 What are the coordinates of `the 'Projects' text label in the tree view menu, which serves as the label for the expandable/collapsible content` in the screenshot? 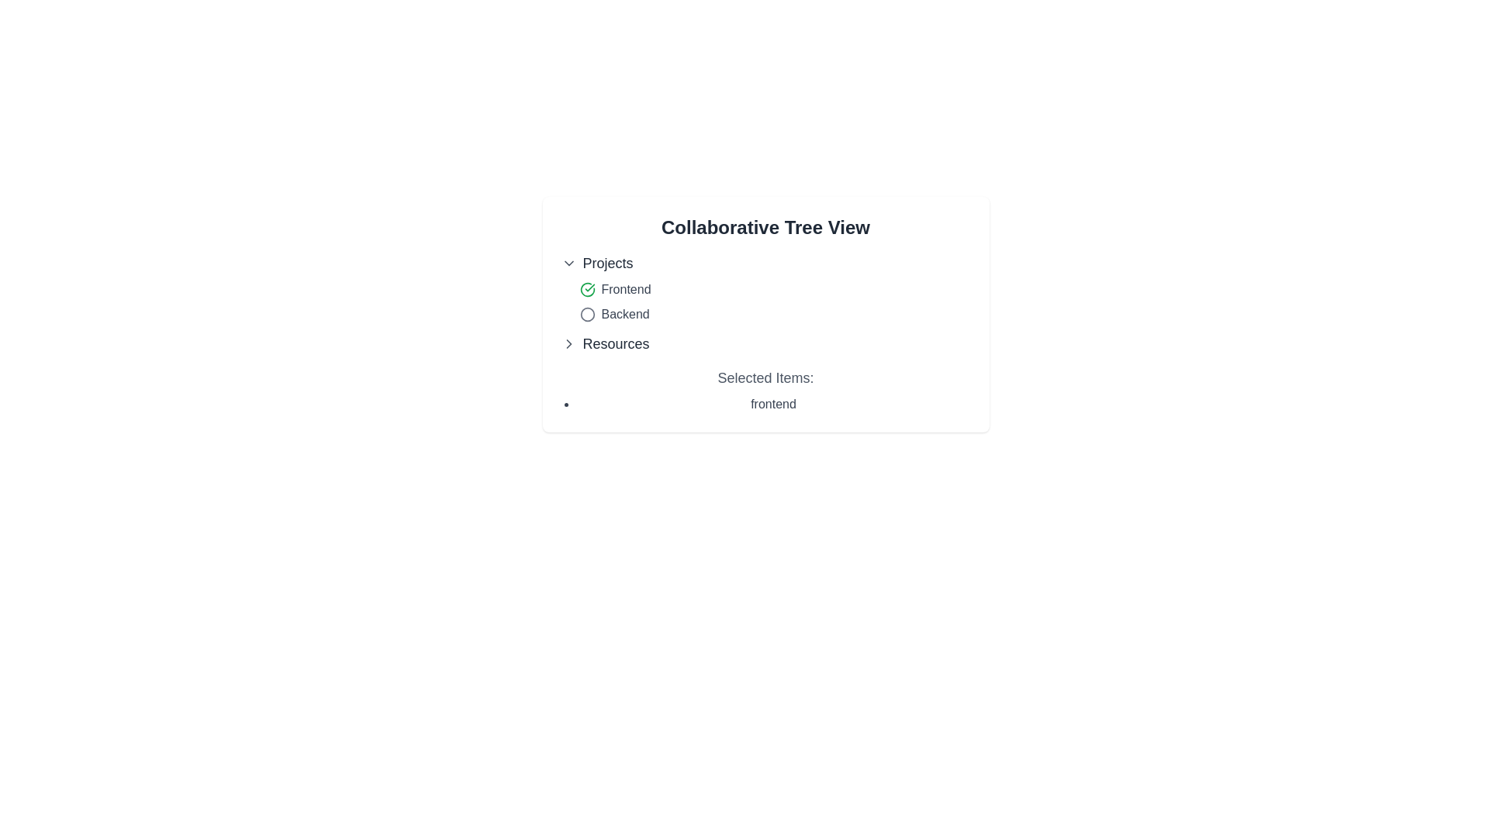 It's located at (606, 262).